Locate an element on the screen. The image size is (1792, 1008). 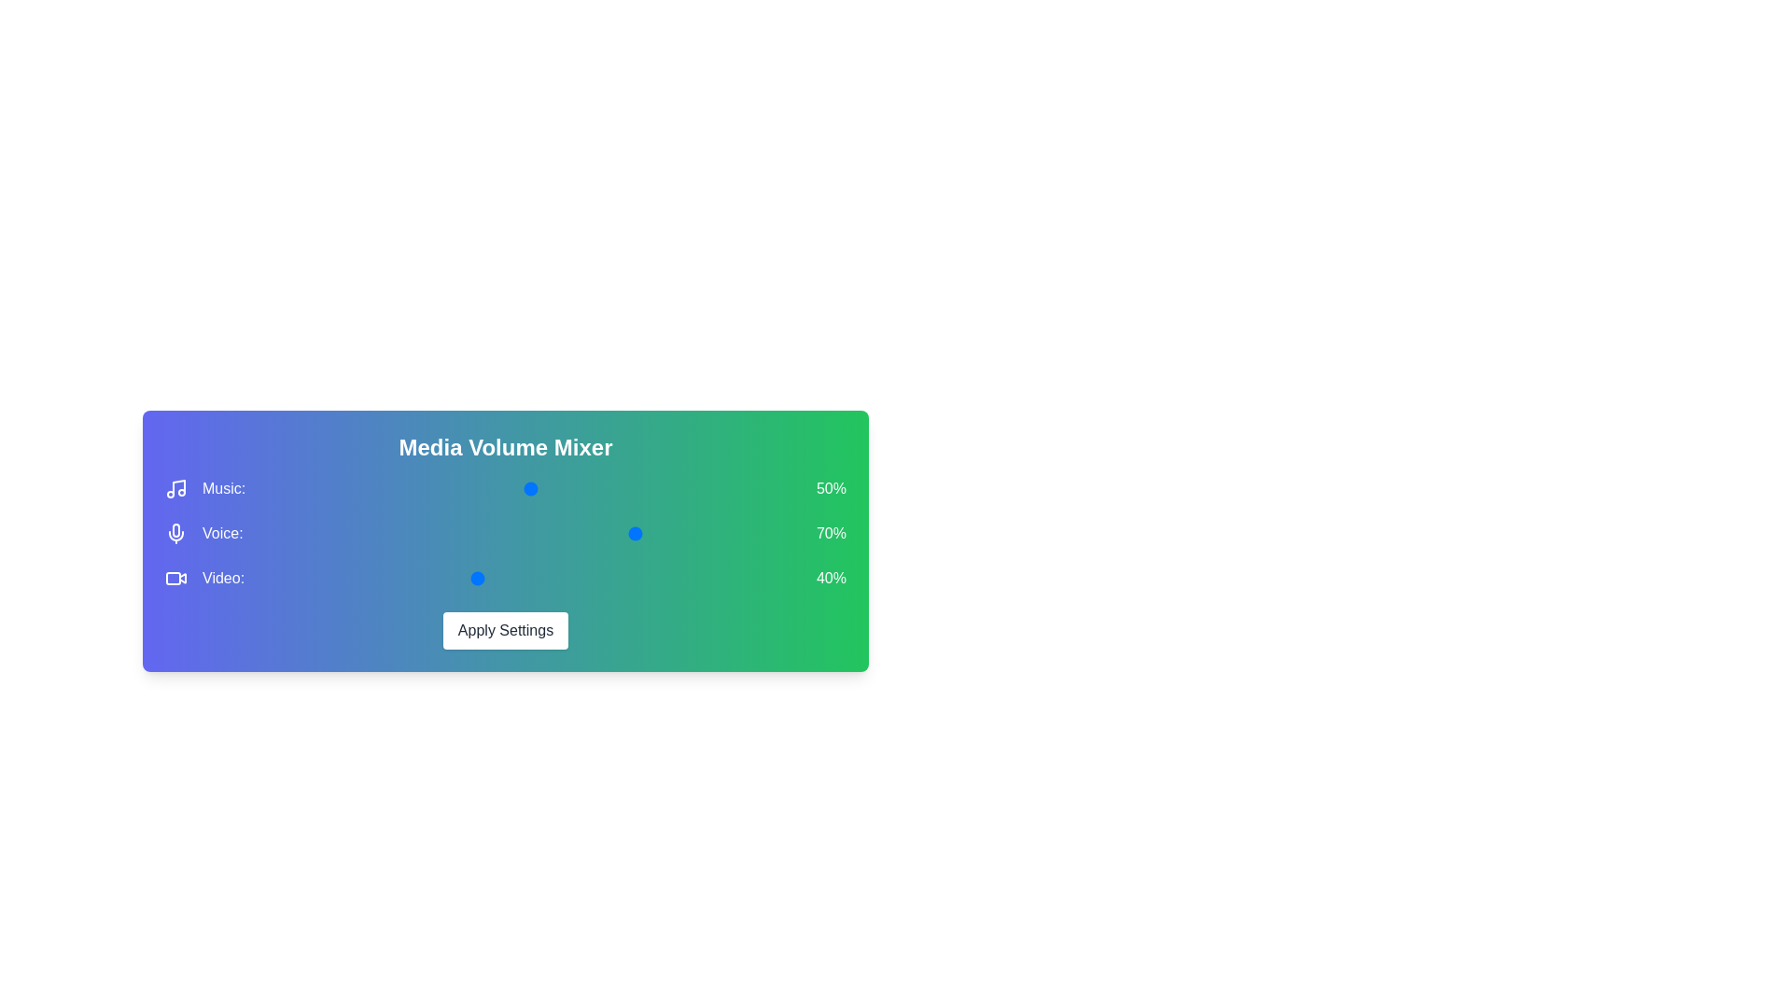
the 'Media Volume Mixer' text heading to focus on it is located at coordinates (506, 447).